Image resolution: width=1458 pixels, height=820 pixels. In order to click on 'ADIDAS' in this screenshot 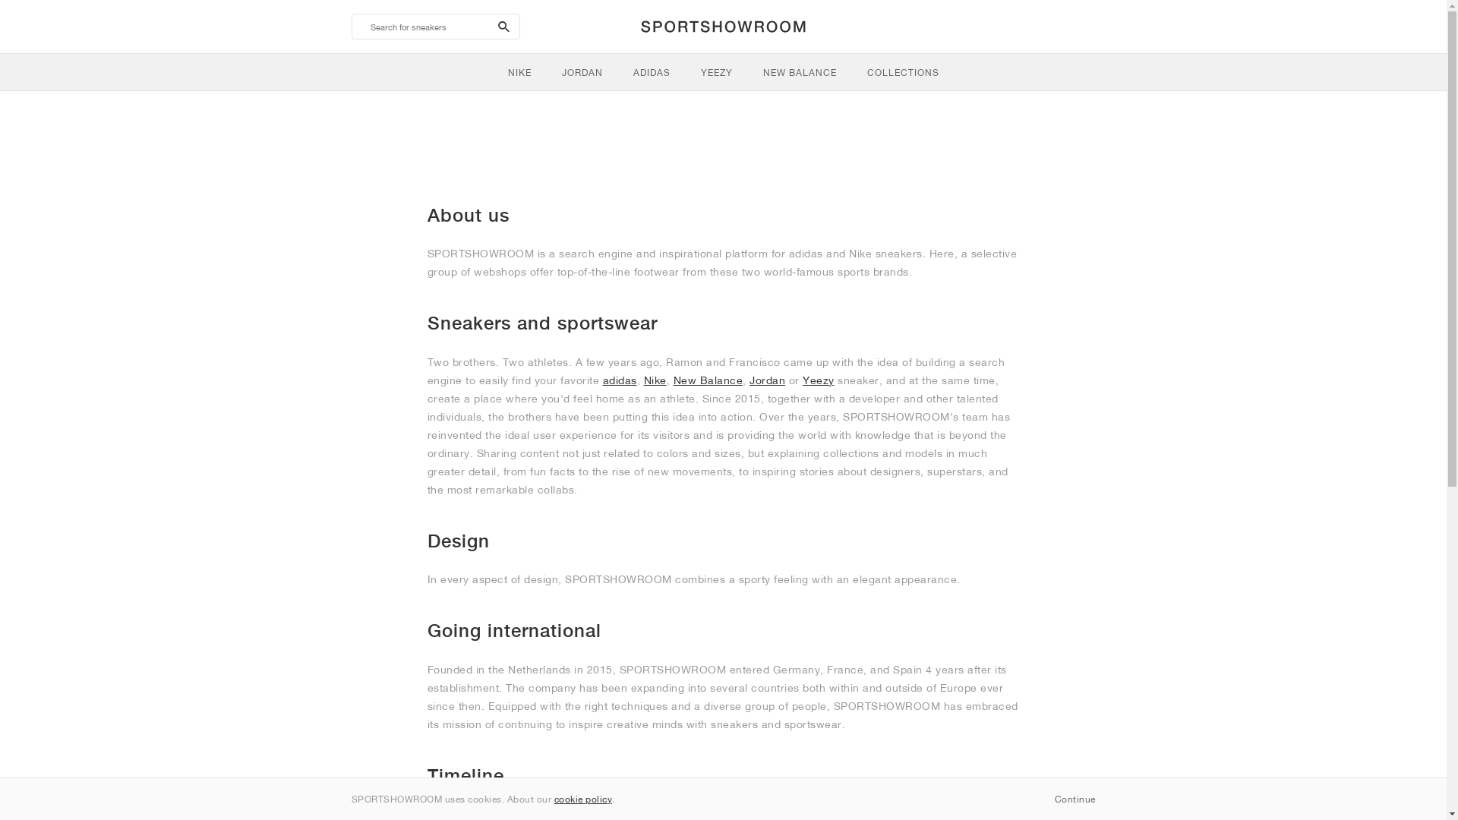, I will do `click(652, 72)`.